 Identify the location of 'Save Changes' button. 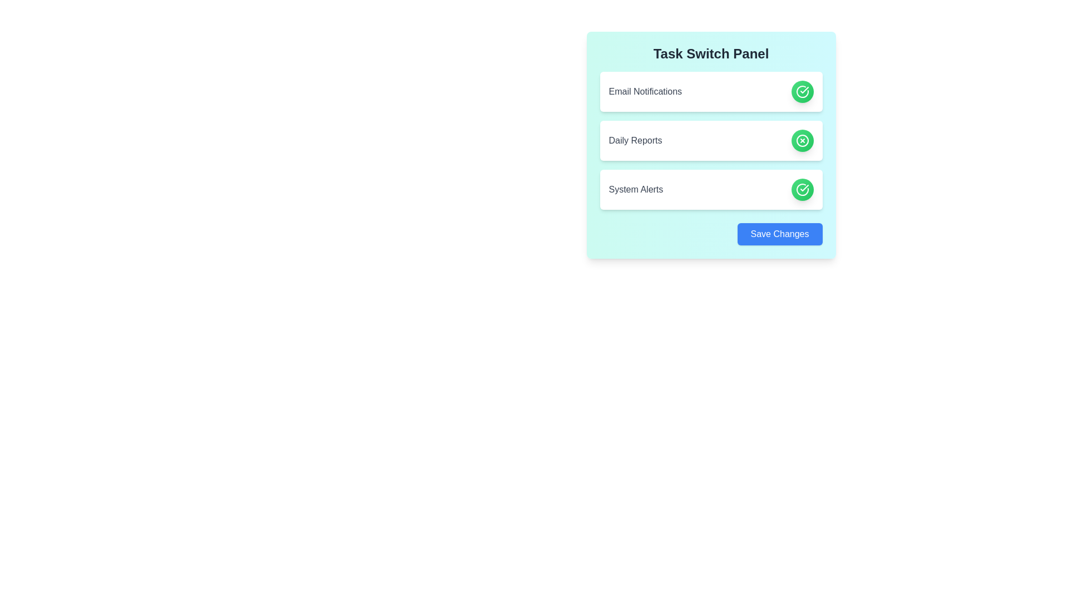
(779, 233).